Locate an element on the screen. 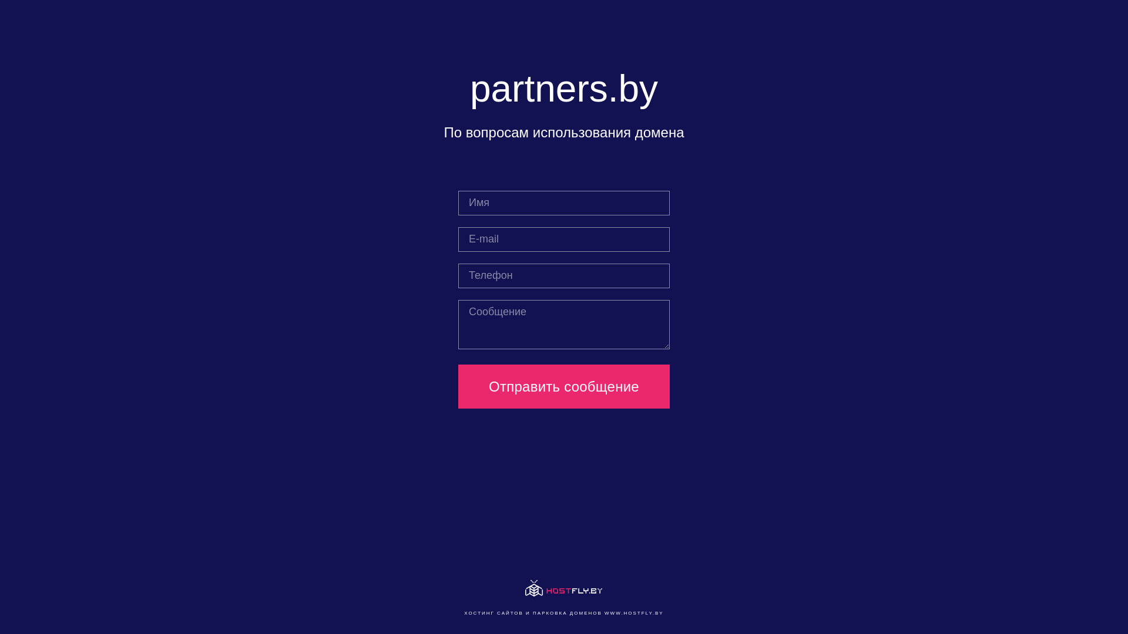  'WWW.HOSTFLY.BY' is located at coordinates (604, 612).